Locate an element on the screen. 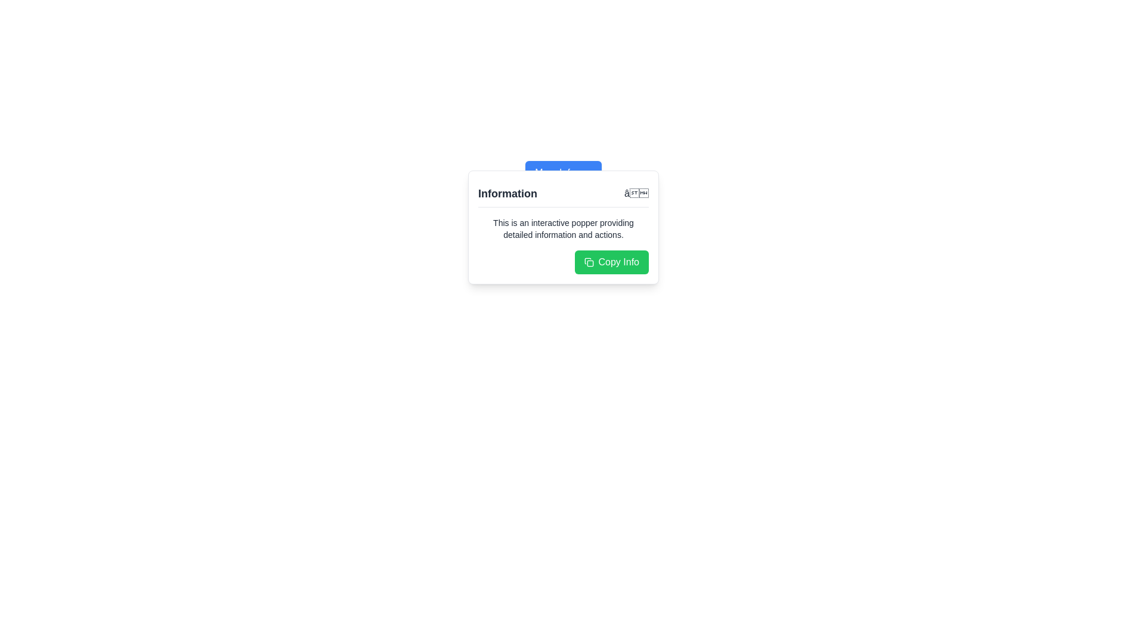  the button with a blue background and white text labeled 'More Info', which is centrally positioned above the 'Information' pop-up box is located at coordinates (563, 172).